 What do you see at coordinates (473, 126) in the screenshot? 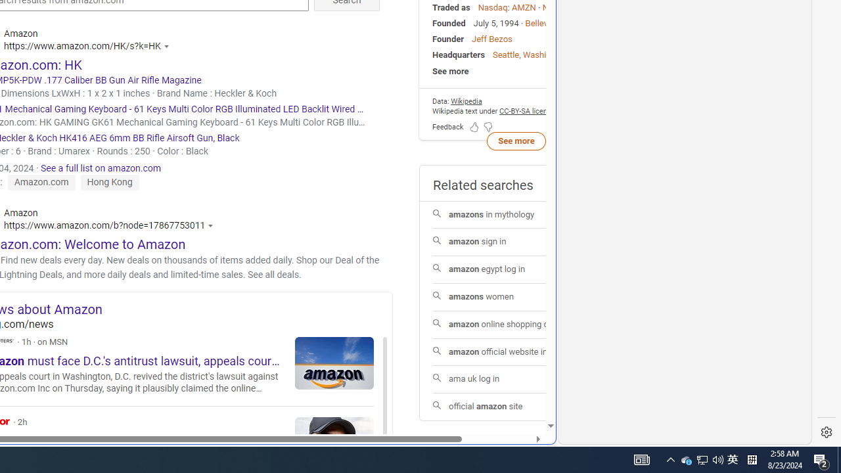
I see `'Feedback Like'` at bounding box center [473, 126].